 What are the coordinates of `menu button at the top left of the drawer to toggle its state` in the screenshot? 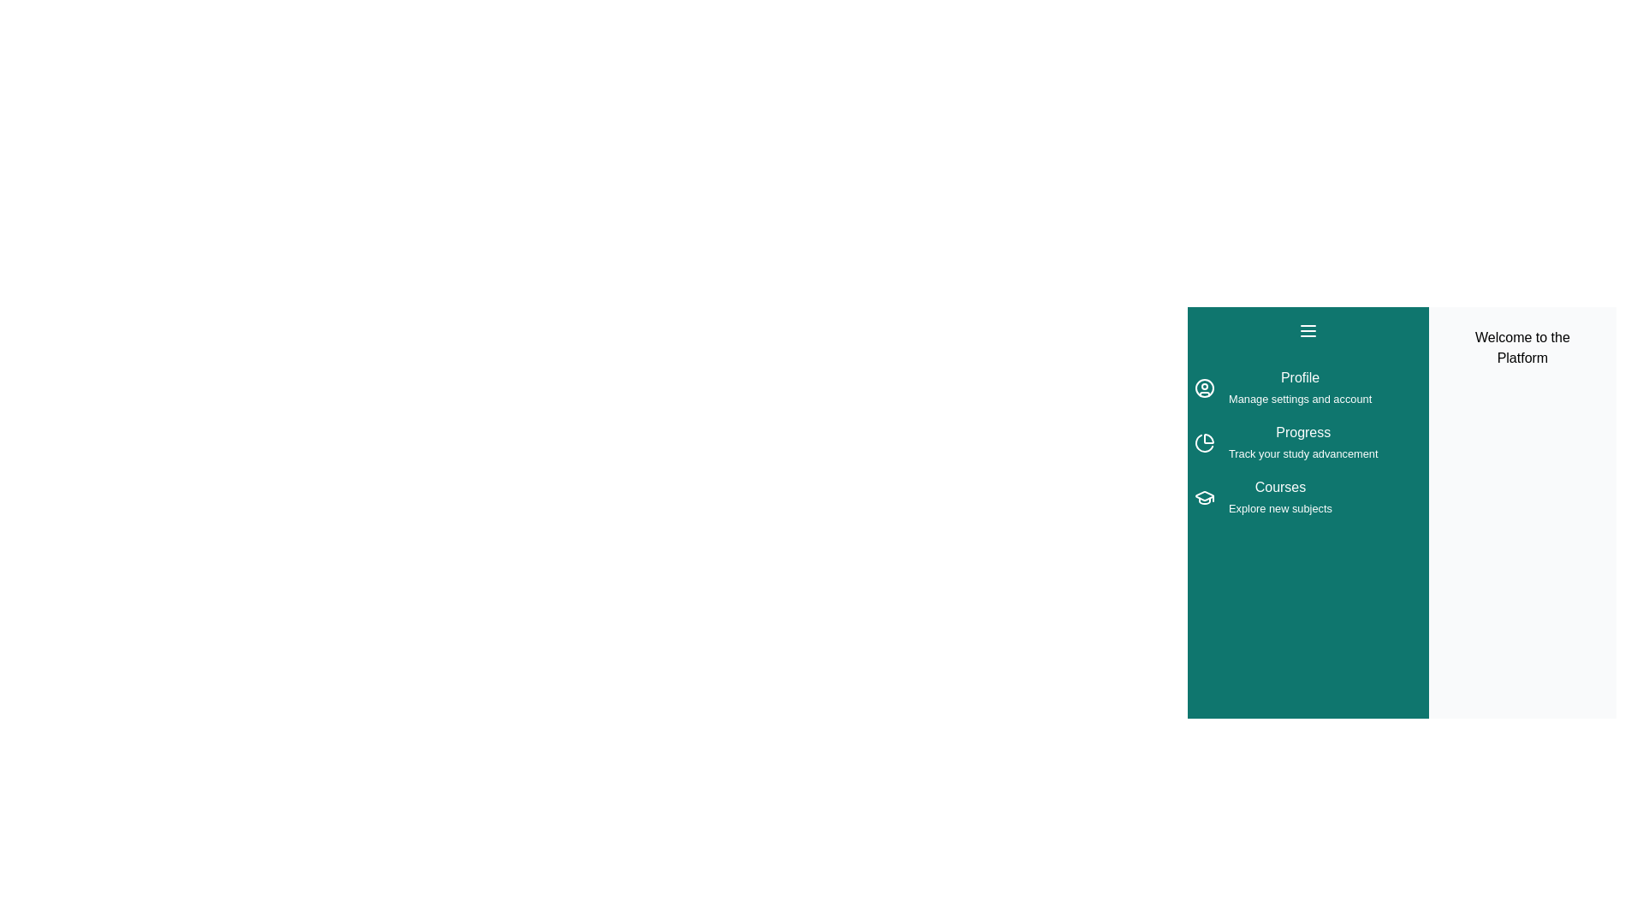 It's located at (1307, 330).